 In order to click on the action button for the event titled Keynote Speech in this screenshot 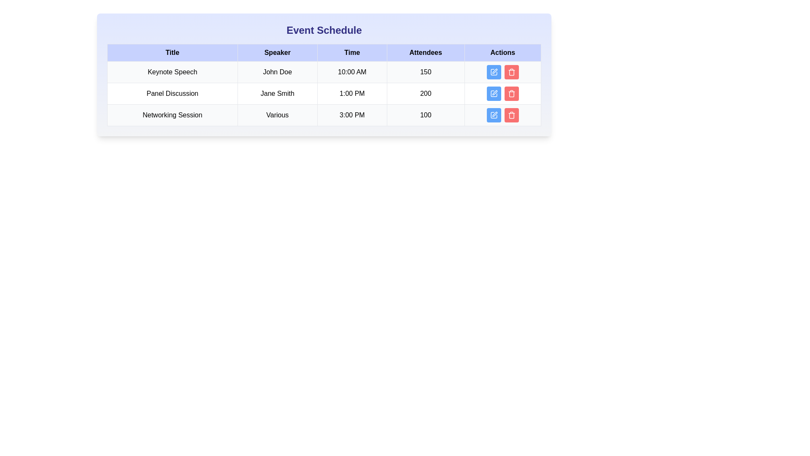, I will do `click(494, 71)`.